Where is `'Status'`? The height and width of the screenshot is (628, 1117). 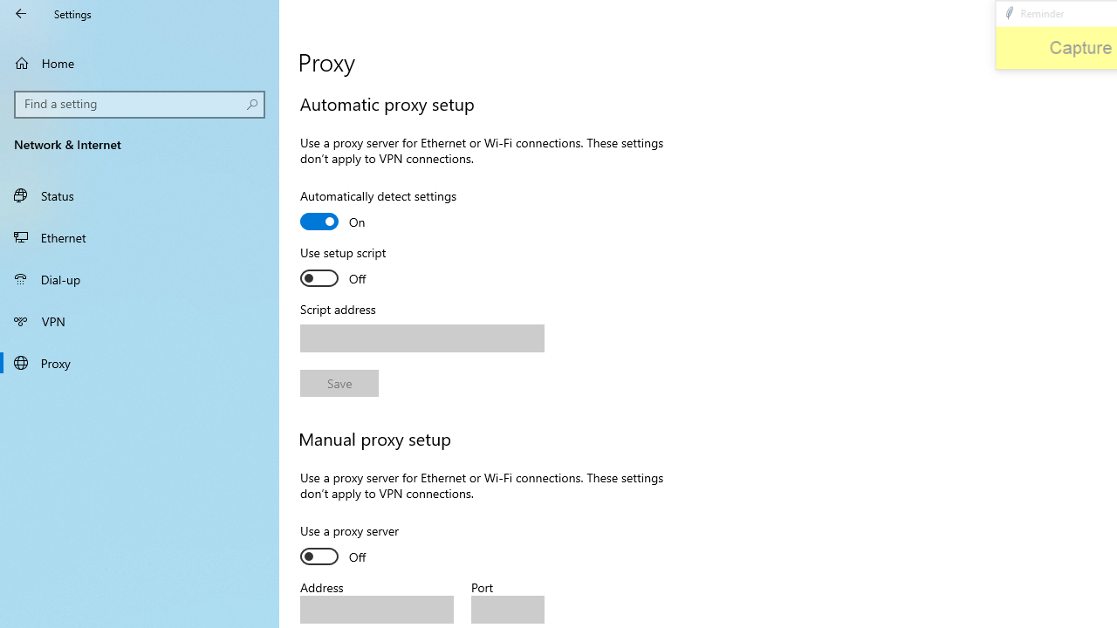
'Status' is located at coordinates (140, 195).